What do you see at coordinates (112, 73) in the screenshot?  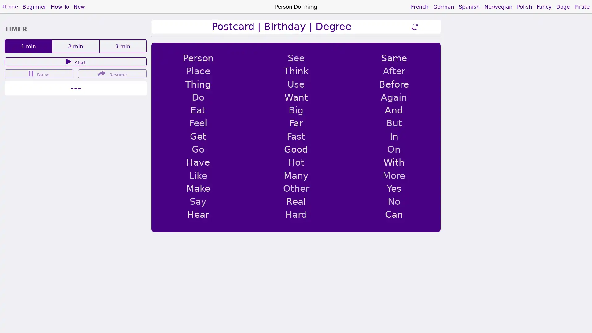 I see `forward_fill   Resume` at bounding box center [112, 73].